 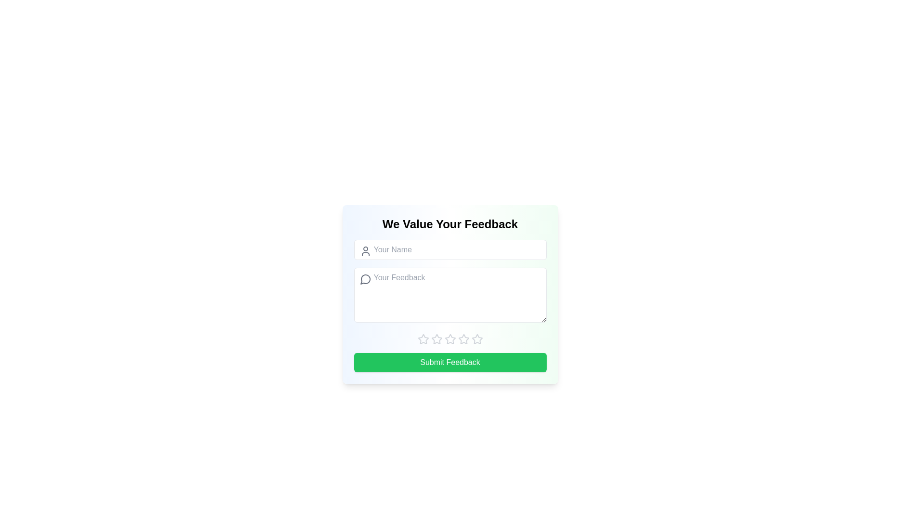 I want to click on the first star icon in the row of five star icons, so click(x=423, y=338).